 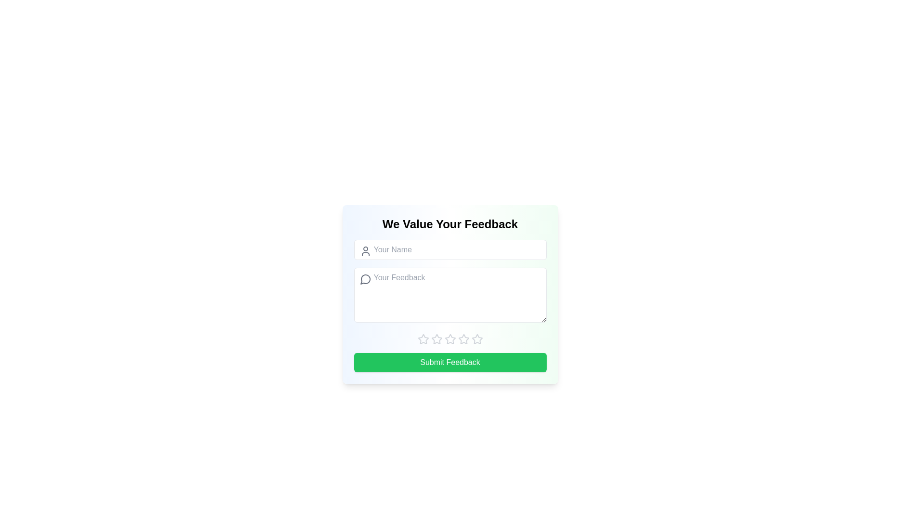 I want to click on the first star icon in the row of five star icons, so click(x=423, y=338).